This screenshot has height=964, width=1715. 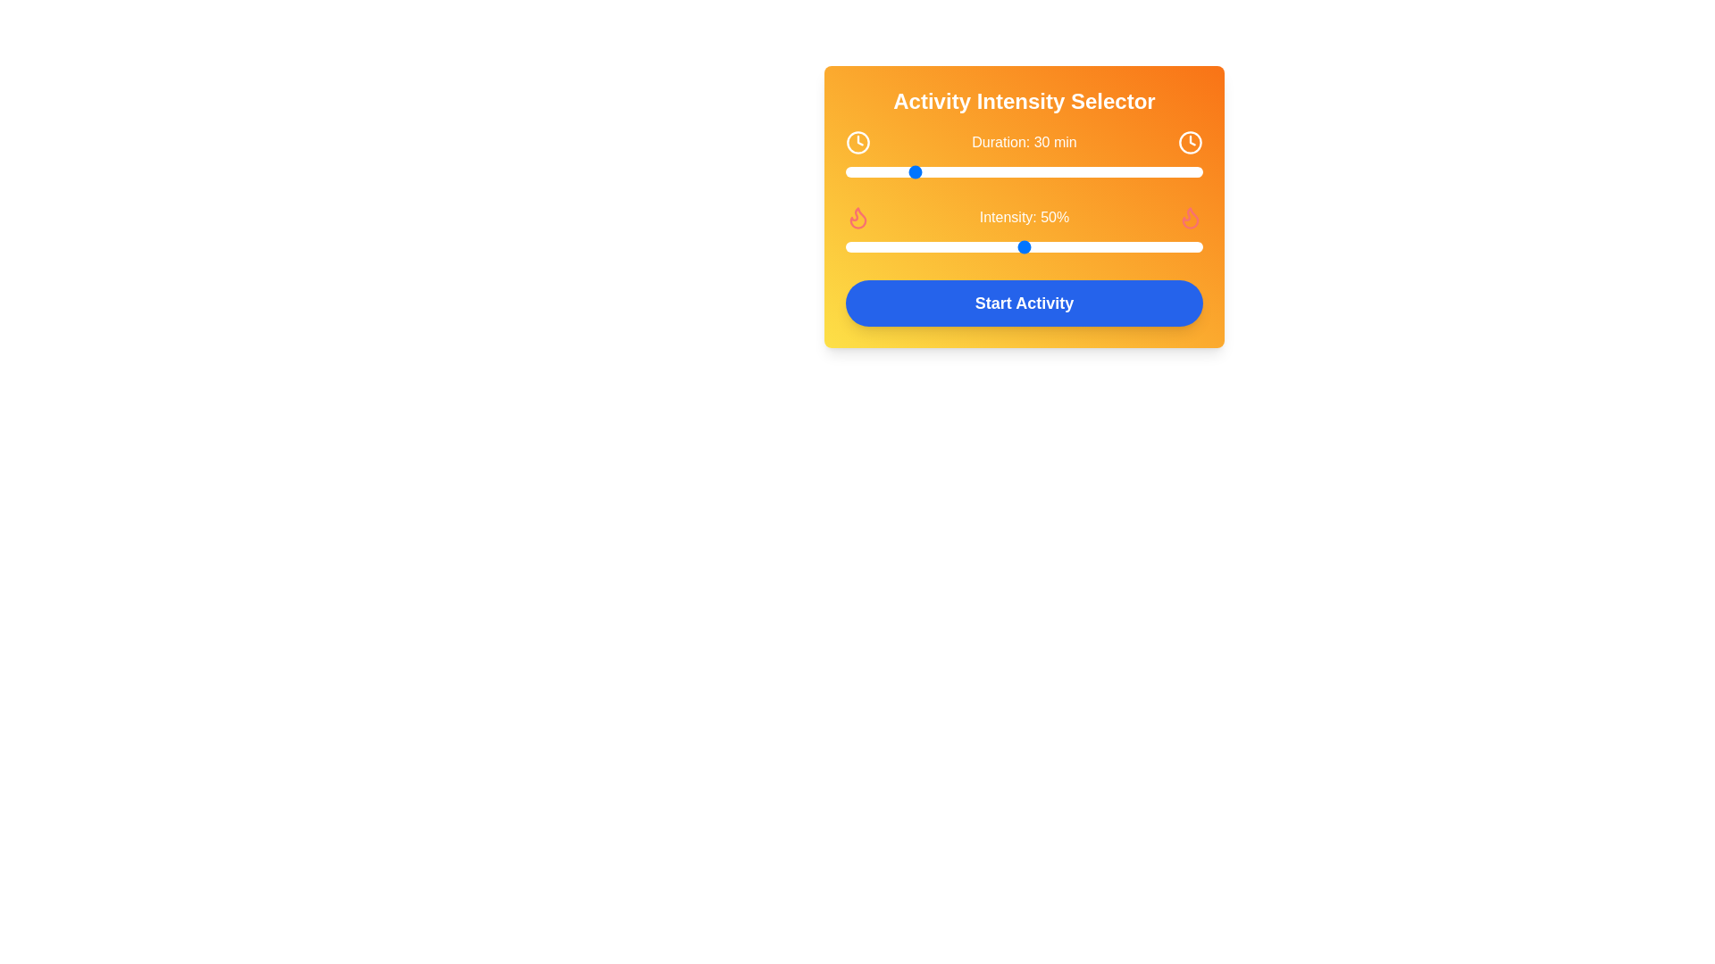 What do you see at coordinates (939, 171) in the screenshot?
I see `the duration slider to 39 minutes` at bounding box center [939, 171].